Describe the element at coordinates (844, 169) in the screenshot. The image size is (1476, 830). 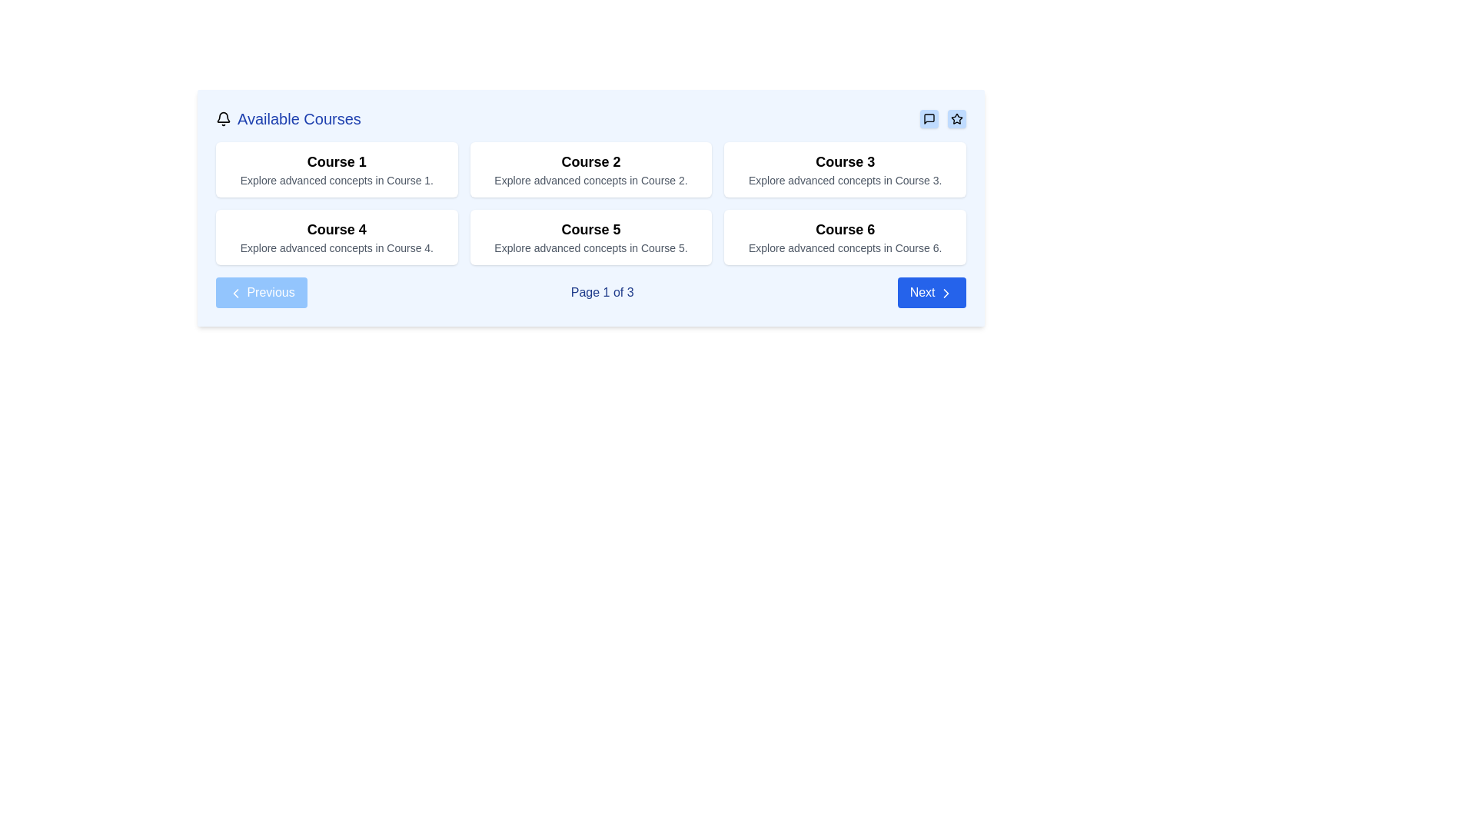
I see `the 'Course 3' card located in the upper right corner of the grid layout` at that location.